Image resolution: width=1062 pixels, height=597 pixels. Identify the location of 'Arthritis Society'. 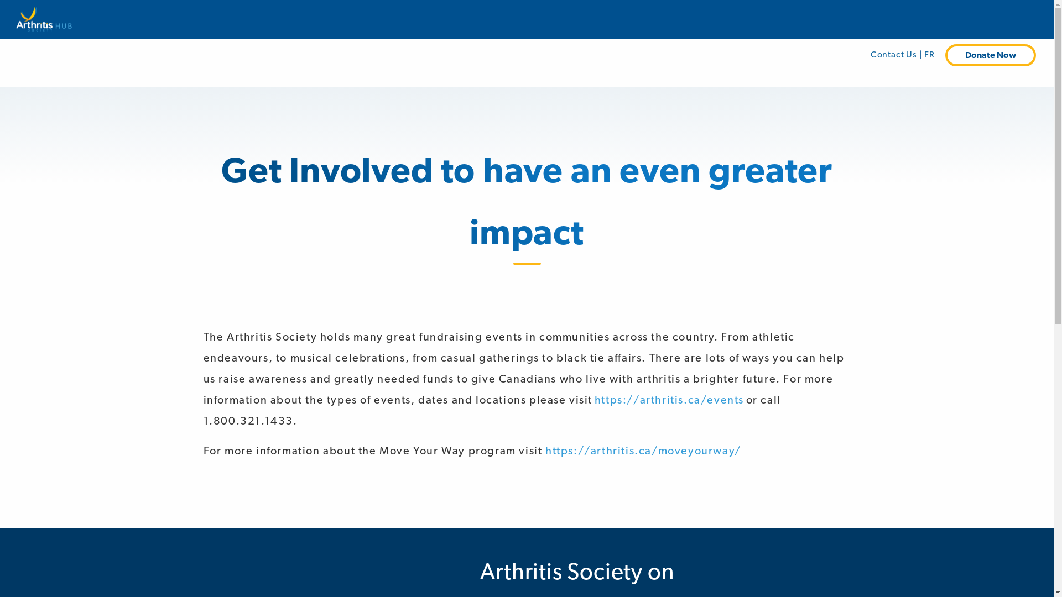
(40, 21).